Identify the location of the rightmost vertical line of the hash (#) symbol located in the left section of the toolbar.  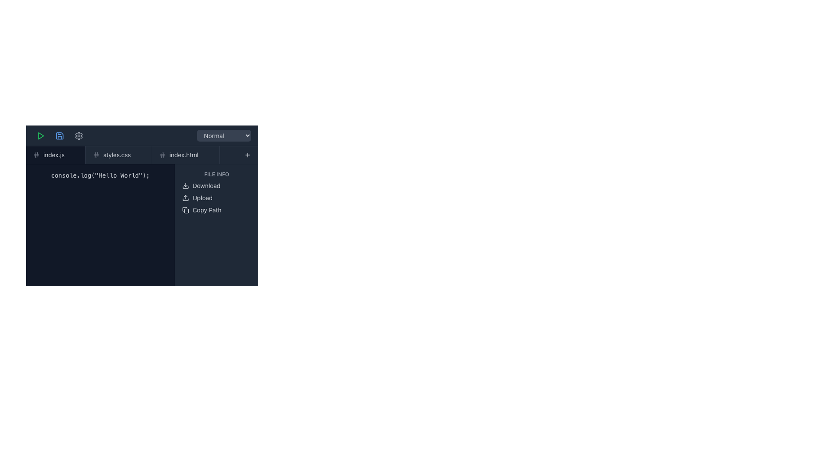
(37, 155).